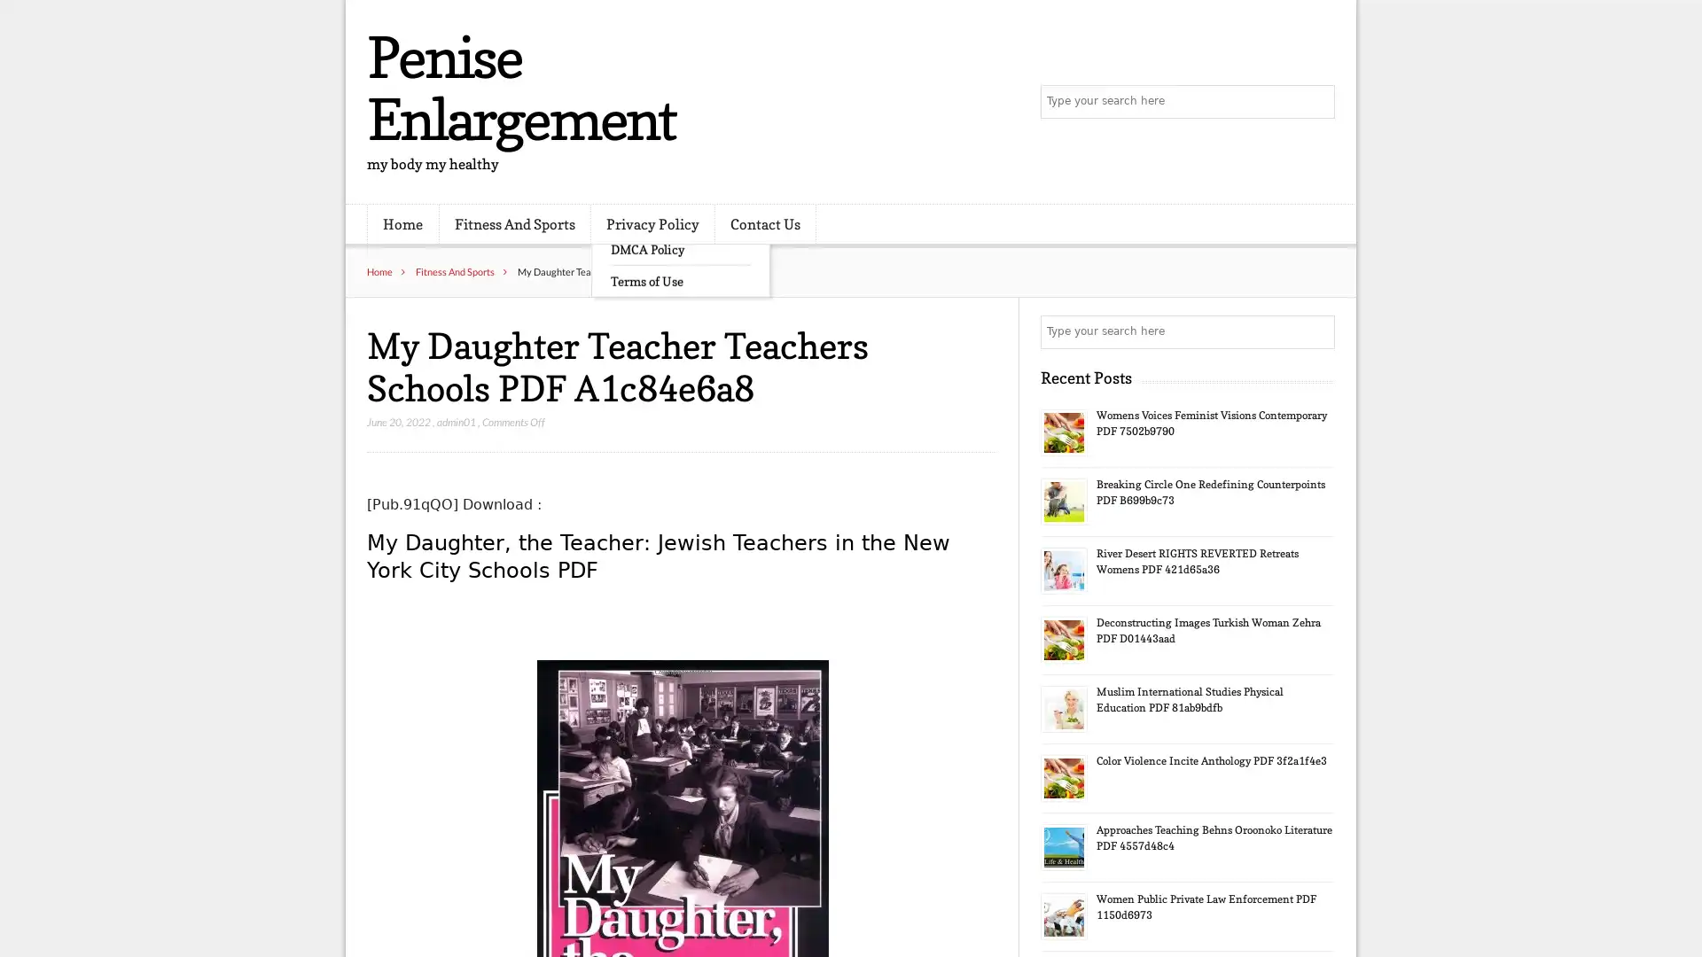  I want to click on Search, so click(1316, 102).